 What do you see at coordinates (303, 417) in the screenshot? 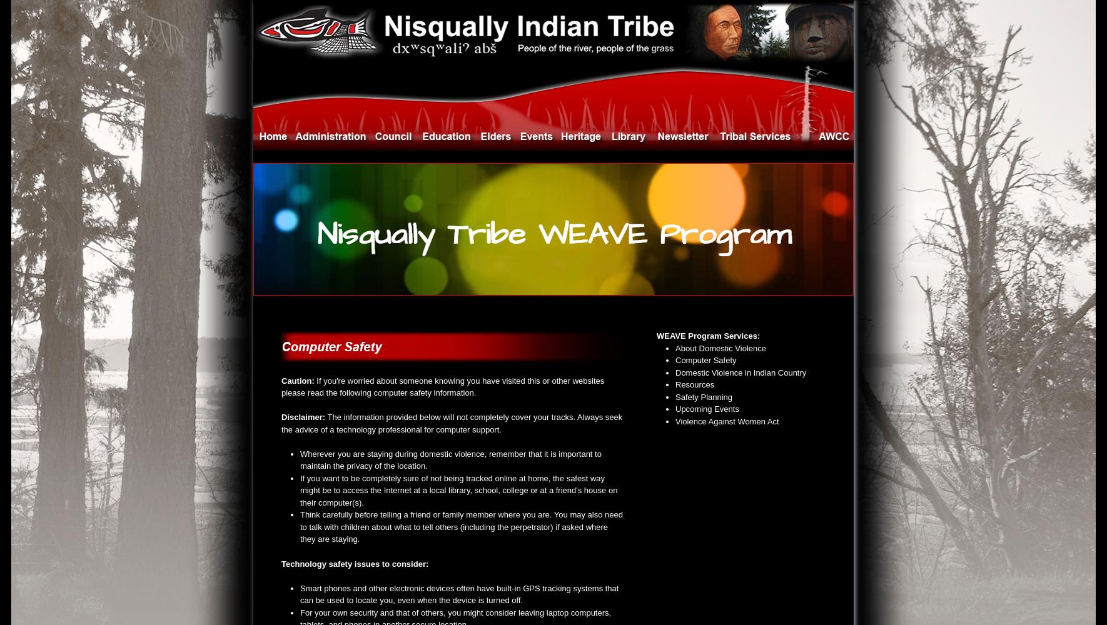
I see `'Disclaimer:'` at bounding box center [303, 417].